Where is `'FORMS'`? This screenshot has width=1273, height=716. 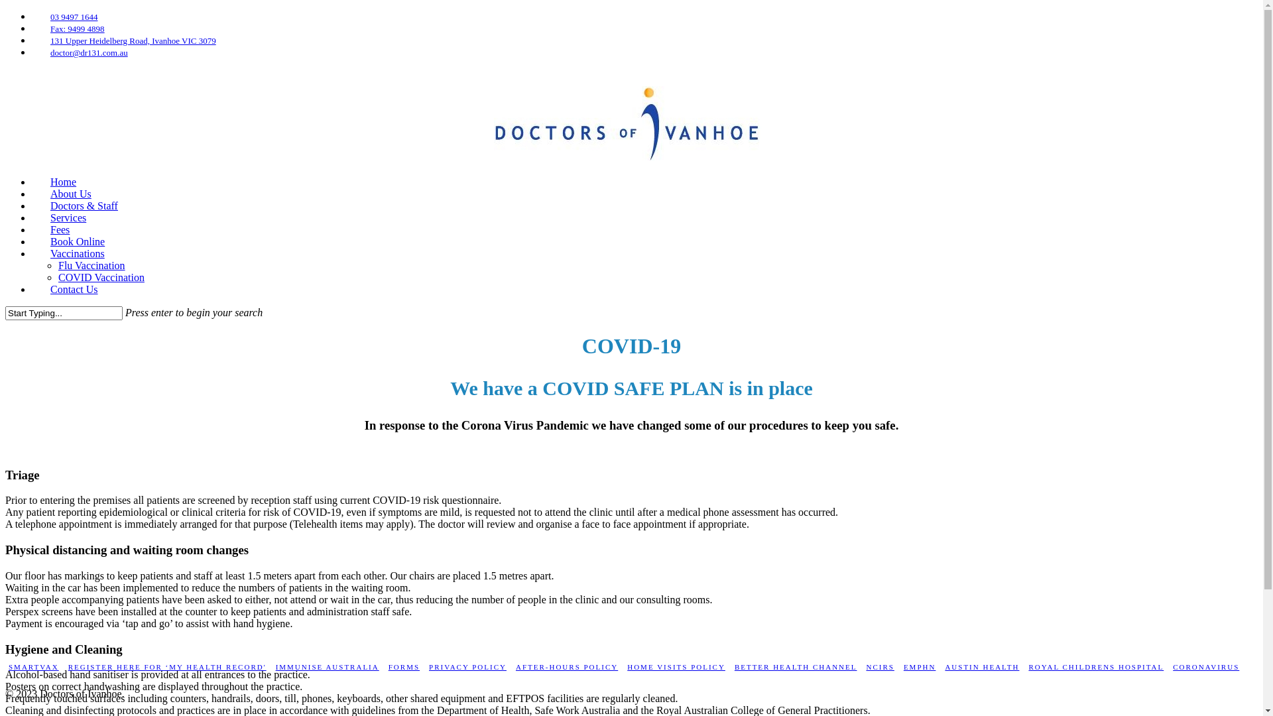 'FORMS' is located at coordinates (403, 667).